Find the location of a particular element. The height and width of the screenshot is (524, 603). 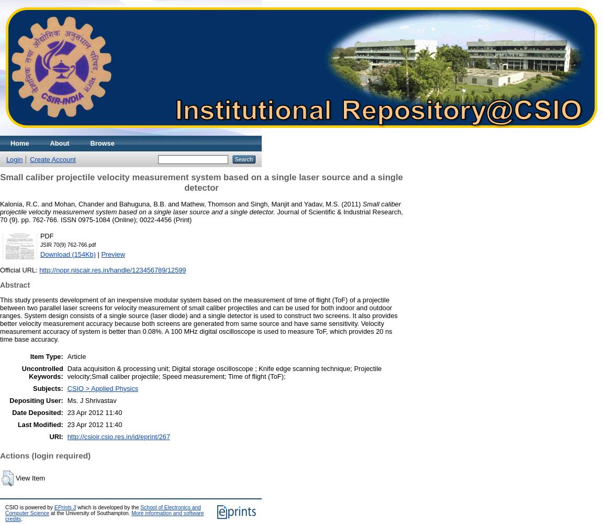

'About' is located at coordinates (59, 143).